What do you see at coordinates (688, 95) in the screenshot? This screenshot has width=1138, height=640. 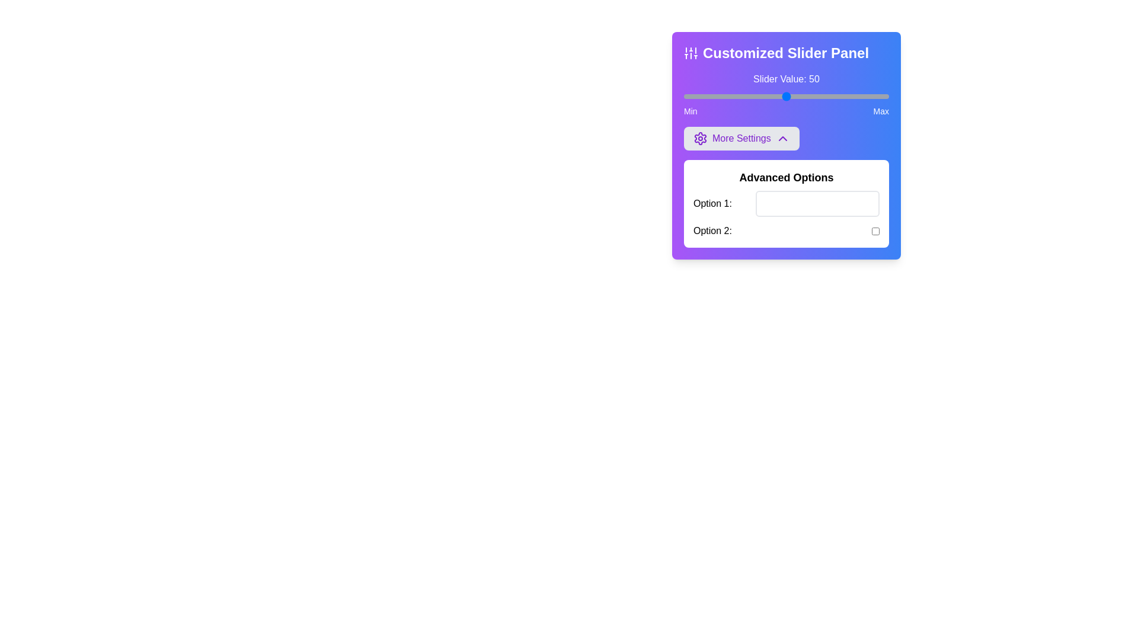 I see `the slider` at bounding box center [688, 95].